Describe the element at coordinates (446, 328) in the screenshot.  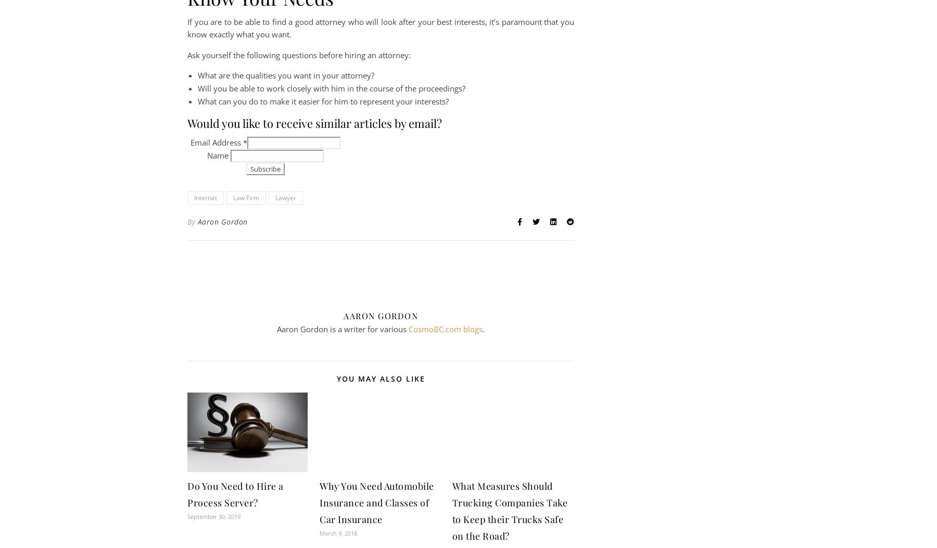
I see `'CosmoBC.com blogs'` at that location.